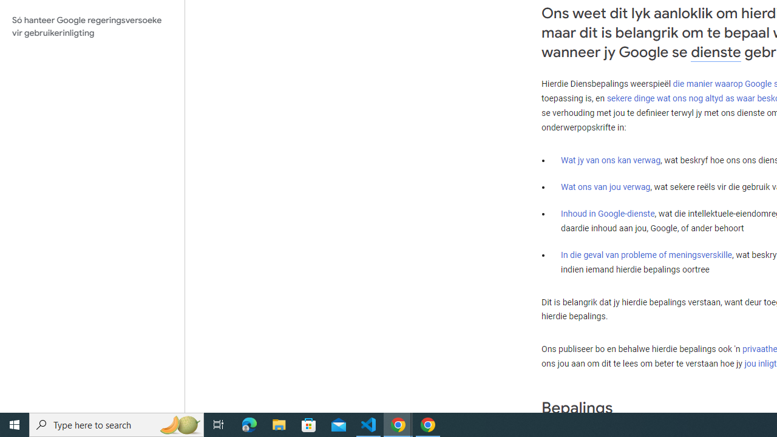  Describe the element at coordinates (611, 159) in the screenshot. I see `'Wat jy van ons kan verwag'` at that location.